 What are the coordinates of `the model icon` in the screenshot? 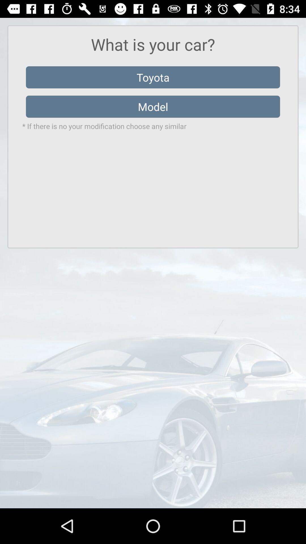 It's located at (153, 107).